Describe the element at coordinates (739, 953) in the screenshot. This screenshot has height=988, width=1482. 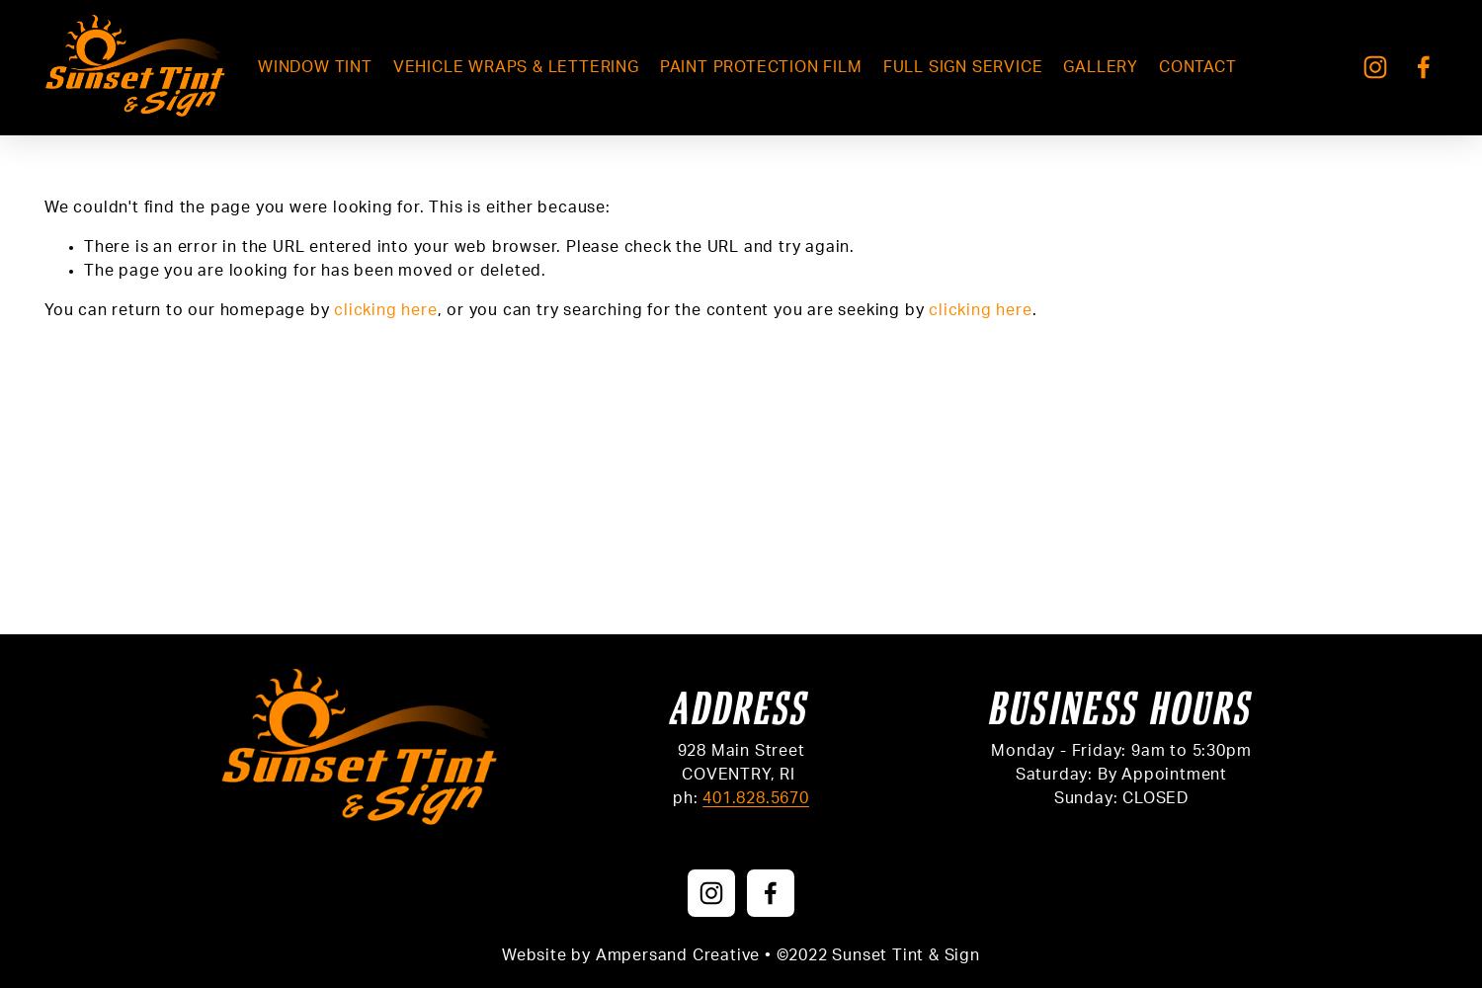
I see `'Website by Ampersand Creative • ©2022 Sunset Tint & Sign'` at that location.